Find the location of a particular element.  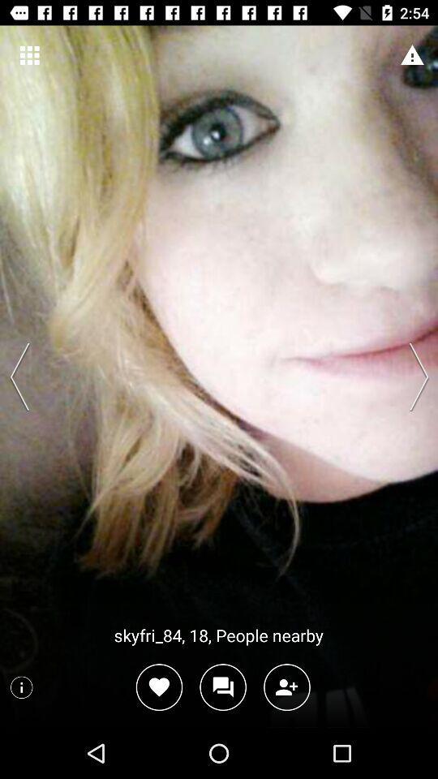

the item below skyfri_84 18 people icon is located at coordinates (286, 686).